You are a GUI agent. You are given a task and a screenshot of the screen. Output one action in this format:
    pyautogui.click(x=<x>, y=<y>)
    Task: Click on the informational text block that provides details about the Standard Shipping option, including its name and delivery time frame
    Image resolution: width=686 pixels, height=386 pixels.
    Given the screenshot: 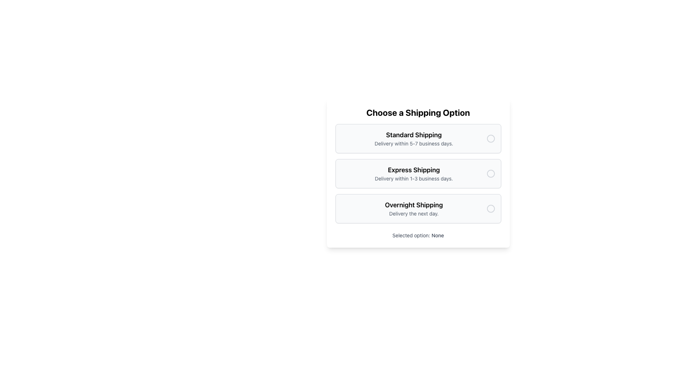 What is the action you would take?
    pyautogui.click(x=414, y=139)
    